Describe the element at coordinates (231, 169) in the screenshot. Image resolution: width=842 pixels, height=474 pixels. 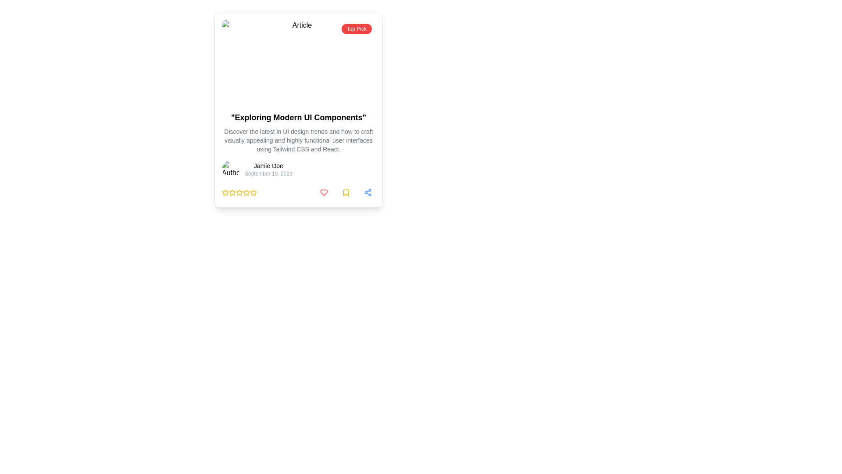
I see `the avatar image representing the author located on the left side of the text information for 'Jamie Doe'` at that location.